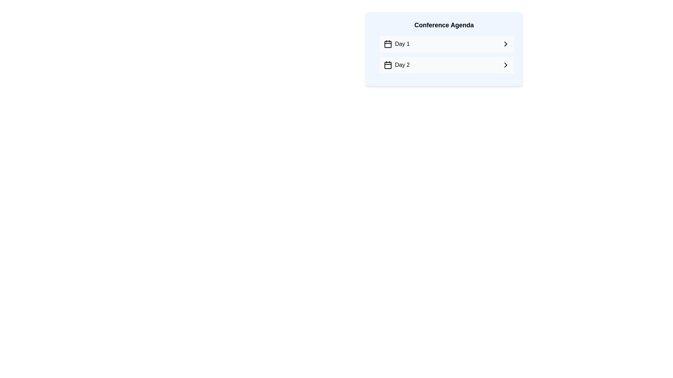  I want to click on the chevron icon associated with 'Day 1', so click(506, 44).